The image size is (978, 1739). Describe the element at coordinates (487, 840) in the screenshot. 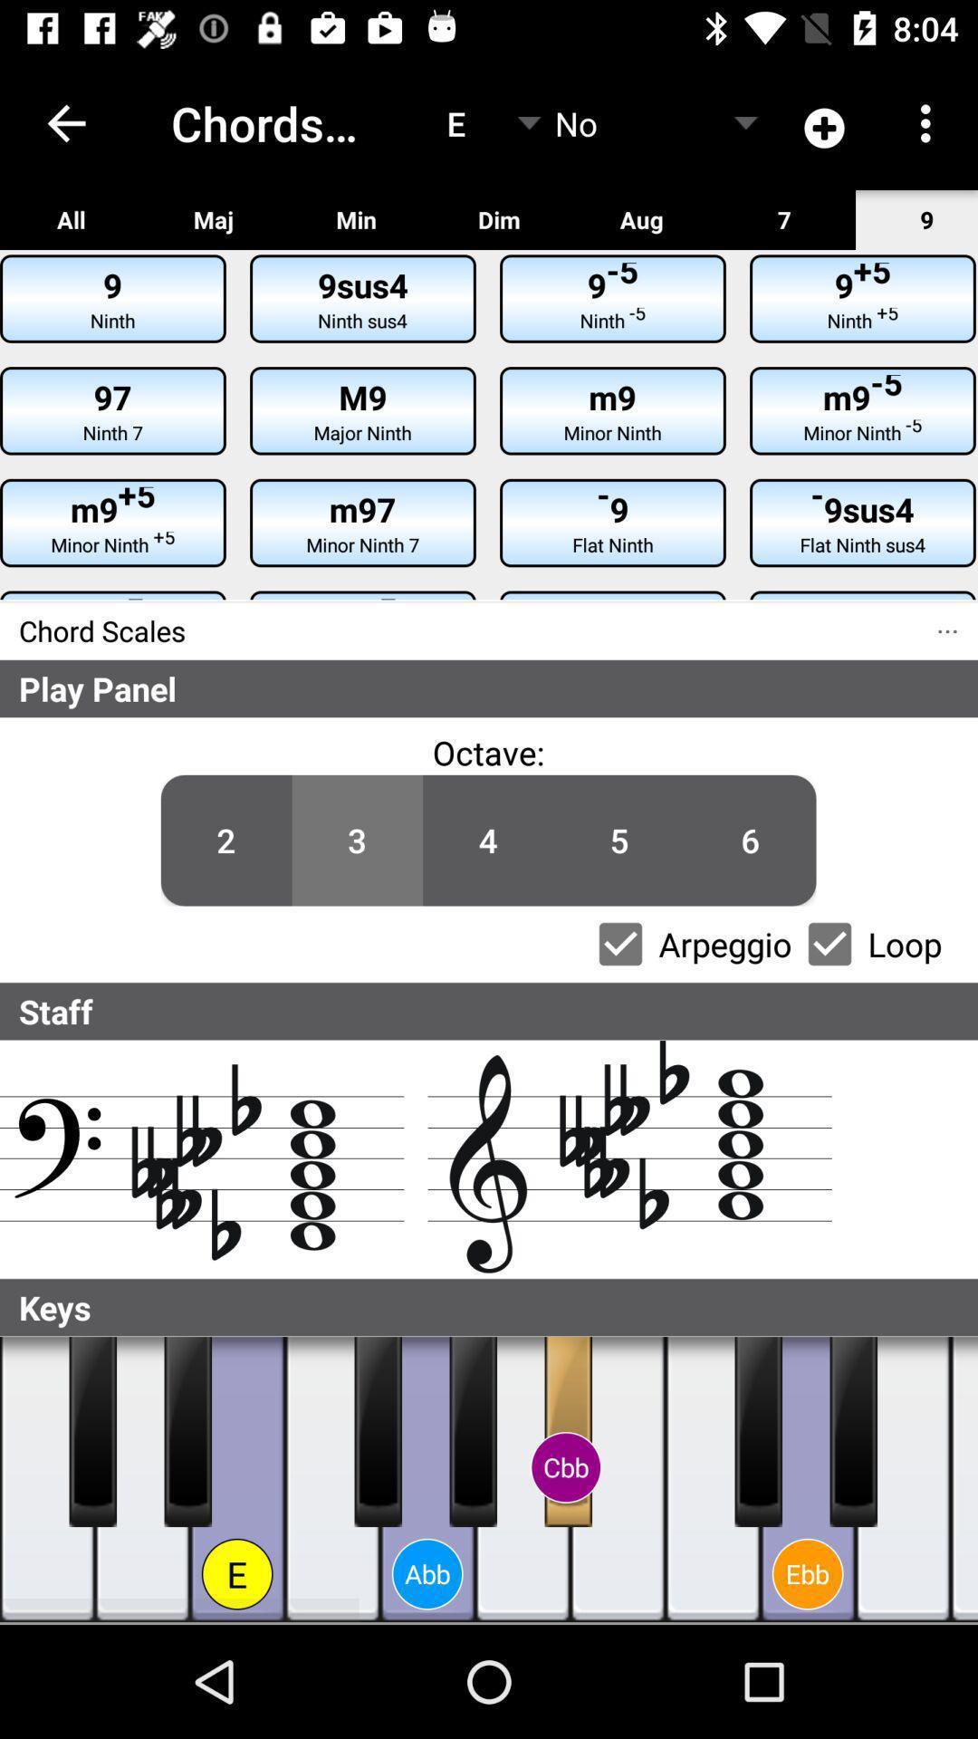

I see `icon next to 5` at that location.